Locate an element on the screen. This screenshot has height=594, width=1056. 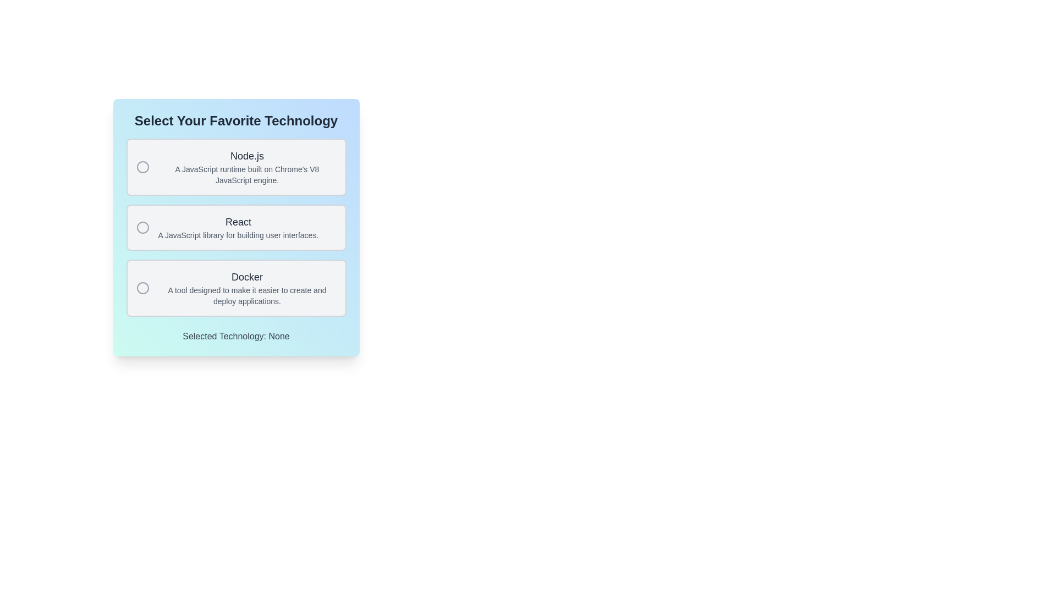
the circular radio button with a gray border and white inner circle located to the left of the label 'Docker' is located at coordinates (142, 288).